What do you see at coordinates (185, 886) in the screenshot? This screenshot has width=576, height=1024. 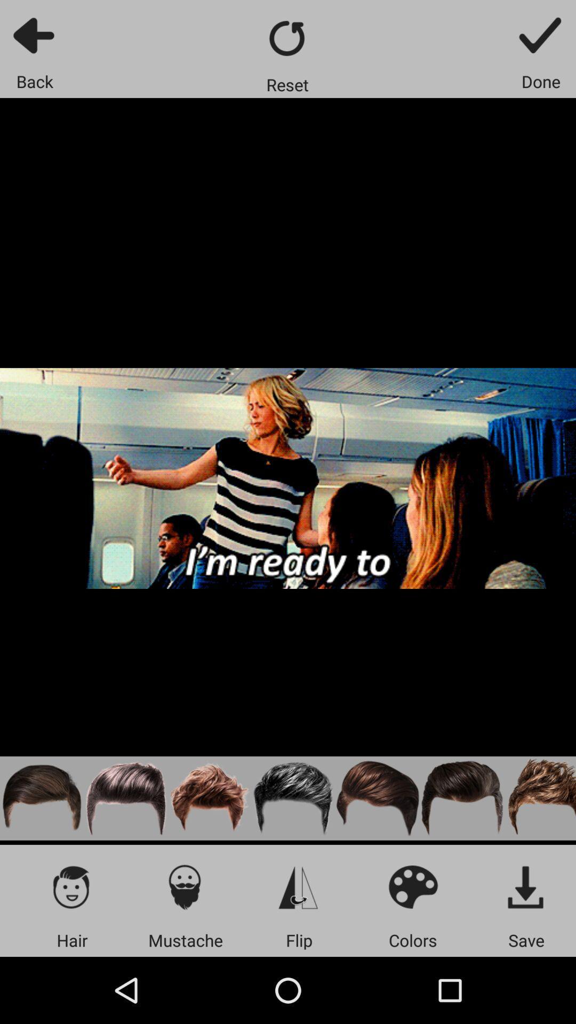 I see `mustache icon` at bounding box center [185, 886].